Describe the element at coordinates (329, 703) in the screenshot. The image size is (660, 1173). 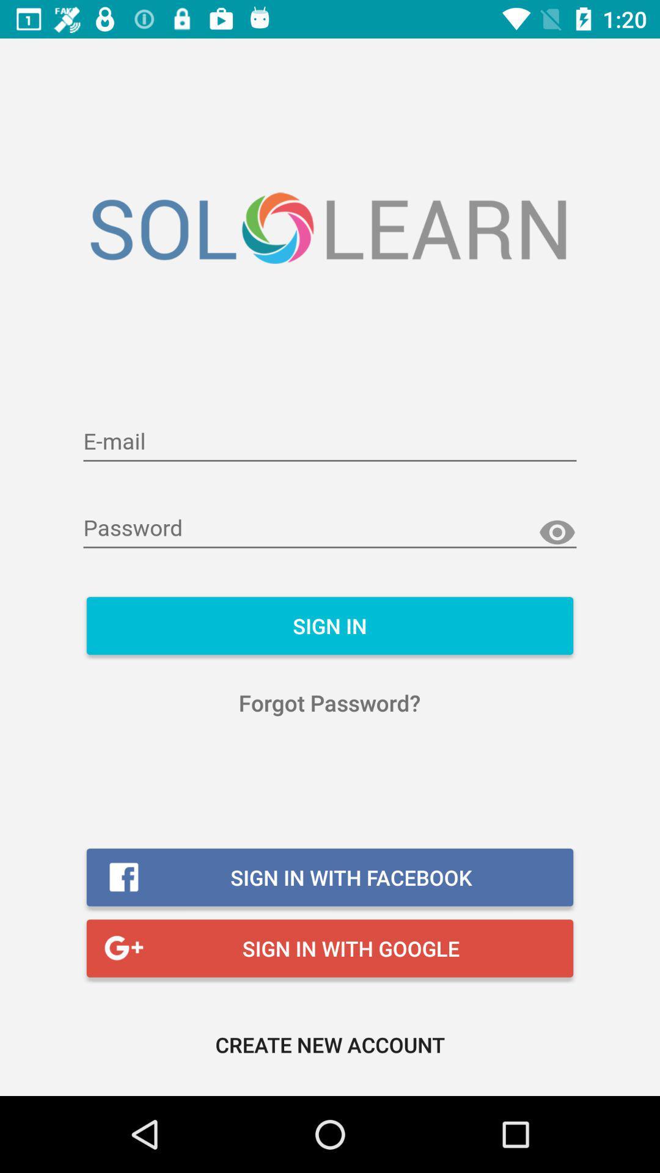
I see `icon below sign in item` at that location.